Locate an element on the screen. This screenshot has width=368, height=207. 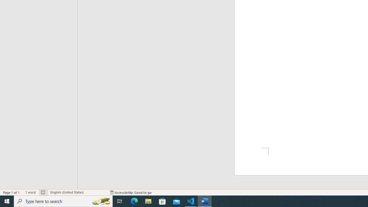
'Accessibility Checker Accessibility: Good to go' is located at coordinates (131, 192).